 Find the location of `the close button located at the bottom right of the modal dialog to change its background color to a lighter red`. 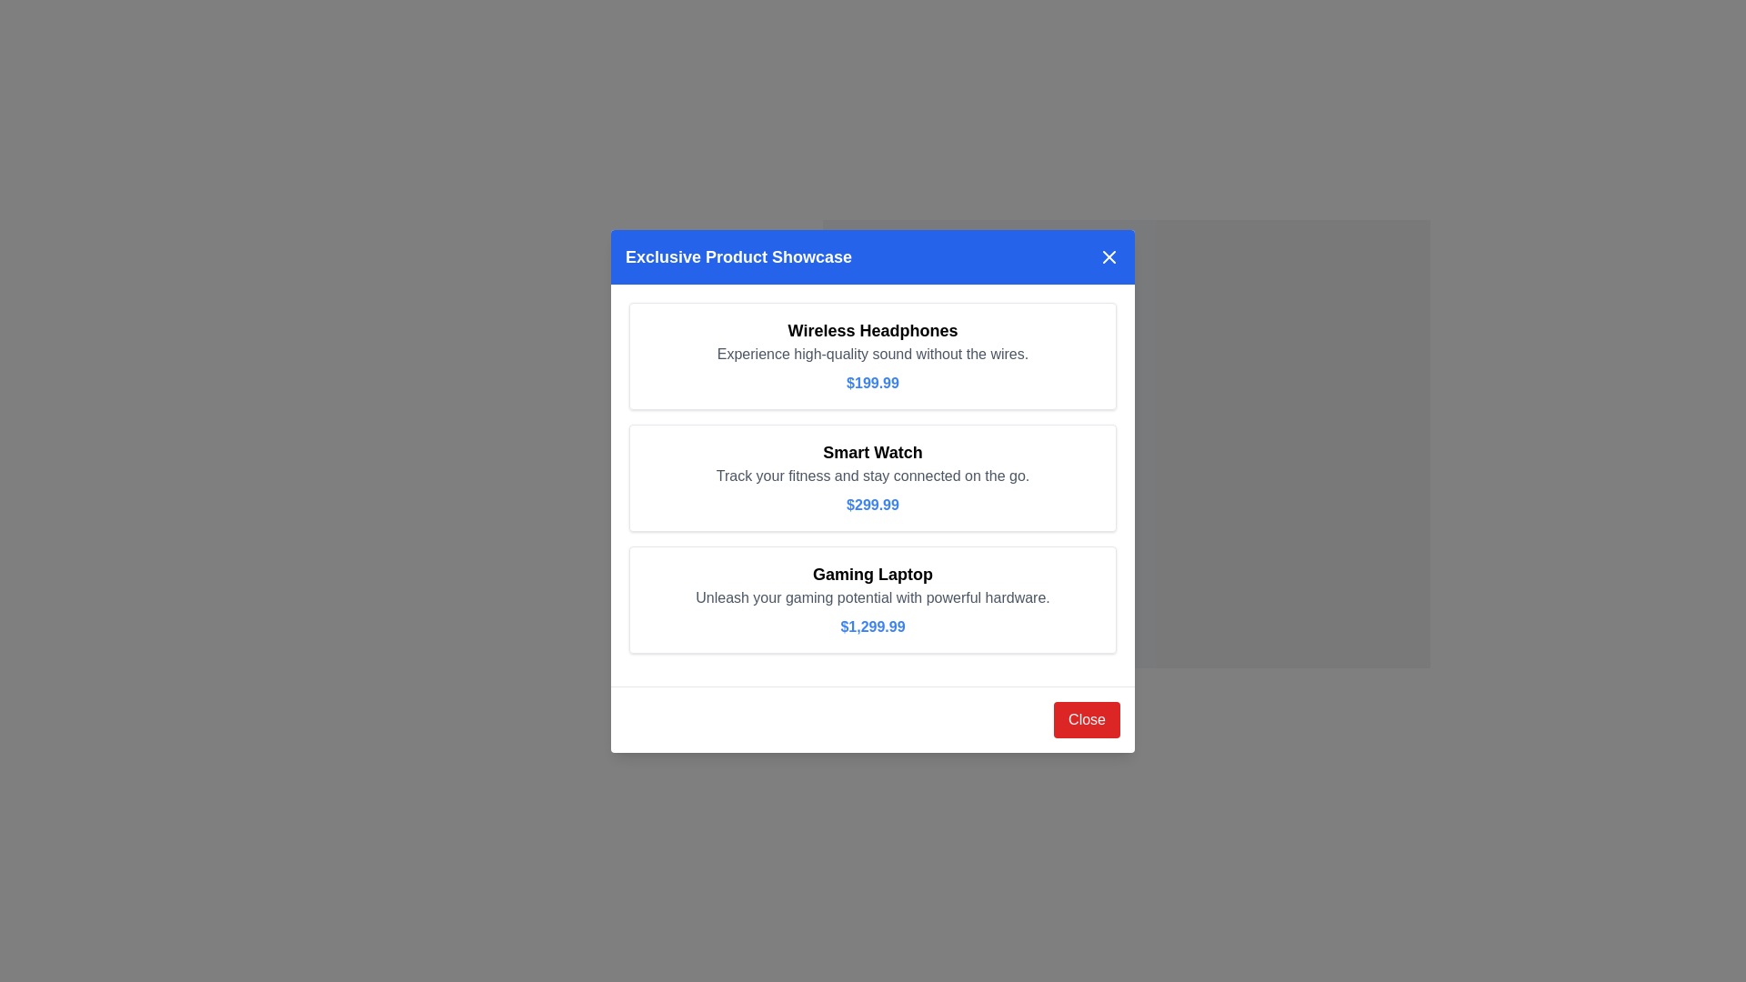

the close button located at the bottom right of the modal dialog to change its background color to a lighter red is located at coordinates (1087, 718).